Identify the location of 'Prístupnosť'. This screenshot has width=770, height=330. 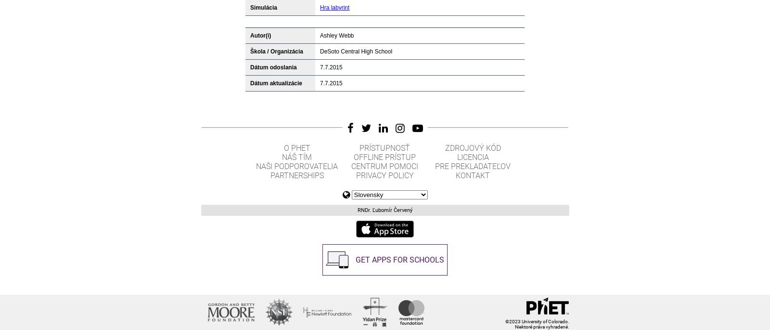
(385, 147).